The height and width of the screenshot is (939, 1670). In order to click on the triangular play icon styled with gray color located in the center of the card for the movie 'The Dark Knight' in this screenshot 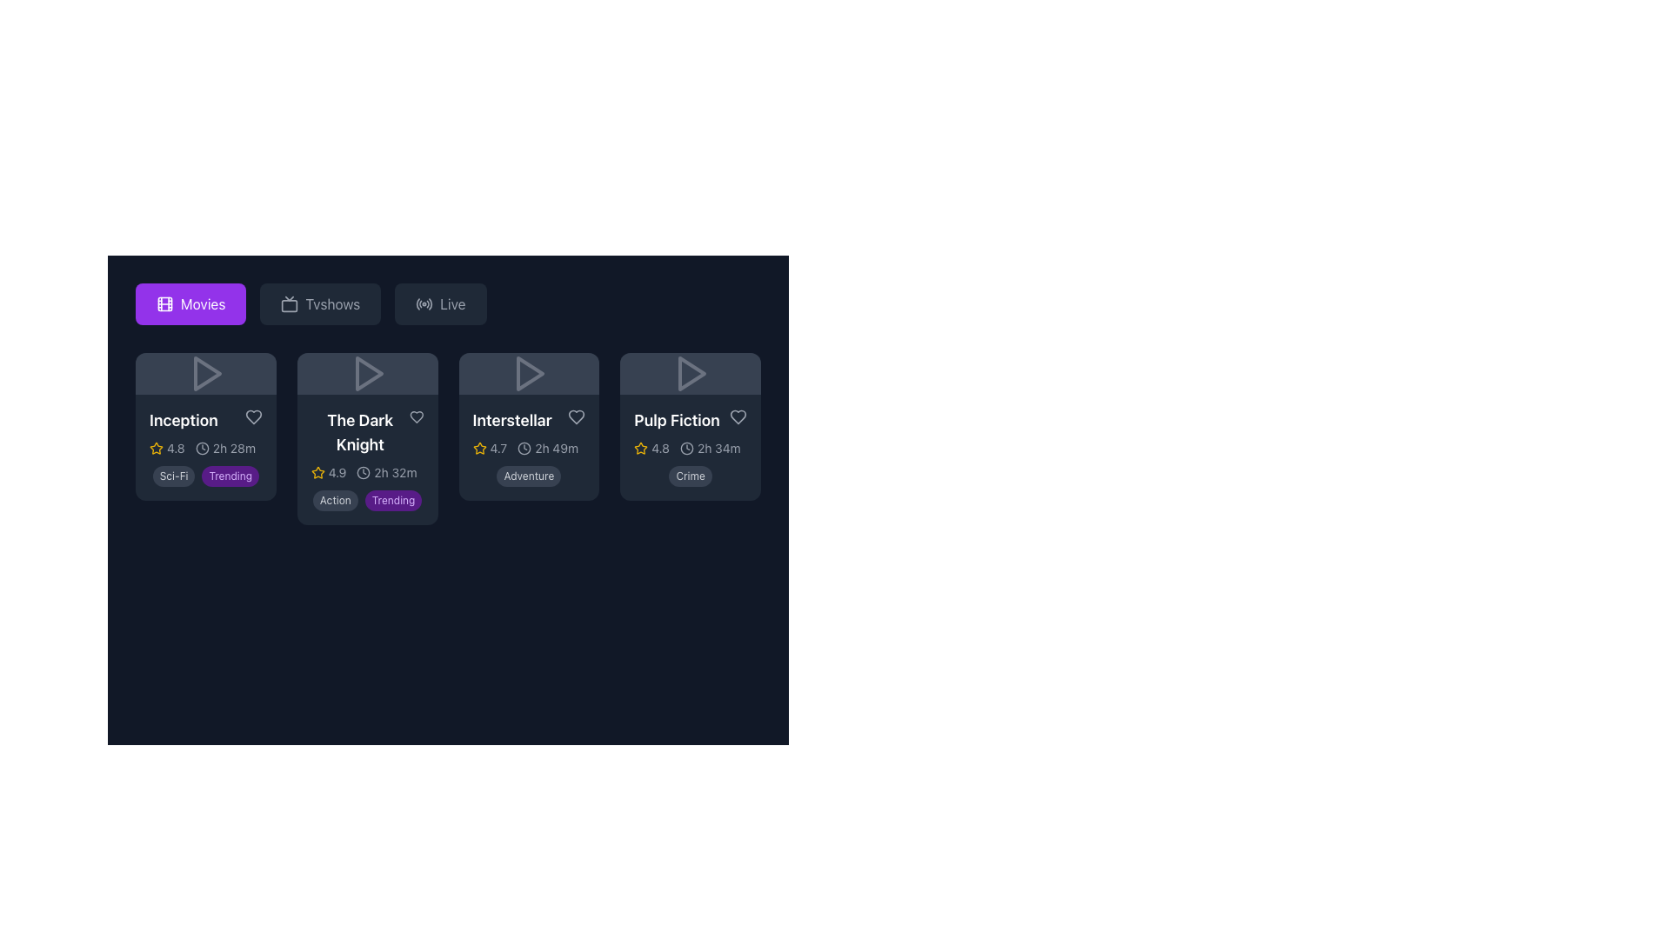, I will do `click(366, 372)`.